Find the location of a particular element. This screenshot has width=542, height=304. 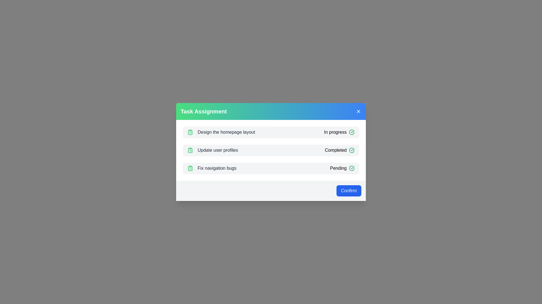

the clipboard icon within the task indicator located in the dialog box's top task item is located at coordinates (190, 132).